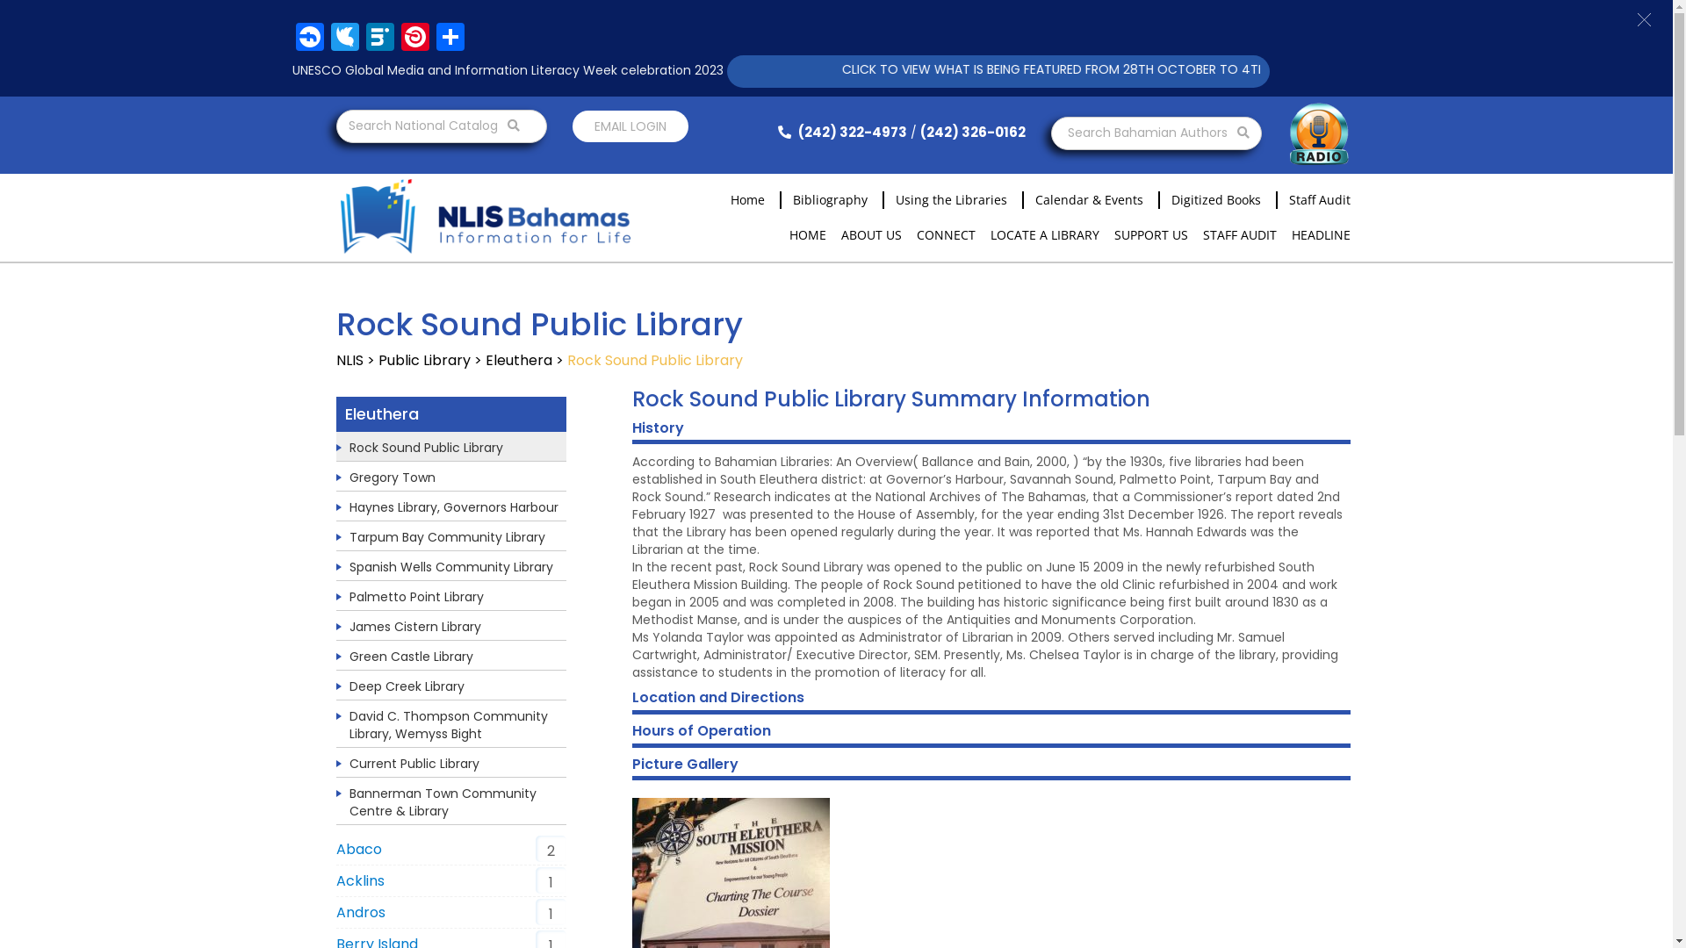  Describe the element at coordinates (395, 39) in the screenshot. I see `'Pinterest'` at that location.